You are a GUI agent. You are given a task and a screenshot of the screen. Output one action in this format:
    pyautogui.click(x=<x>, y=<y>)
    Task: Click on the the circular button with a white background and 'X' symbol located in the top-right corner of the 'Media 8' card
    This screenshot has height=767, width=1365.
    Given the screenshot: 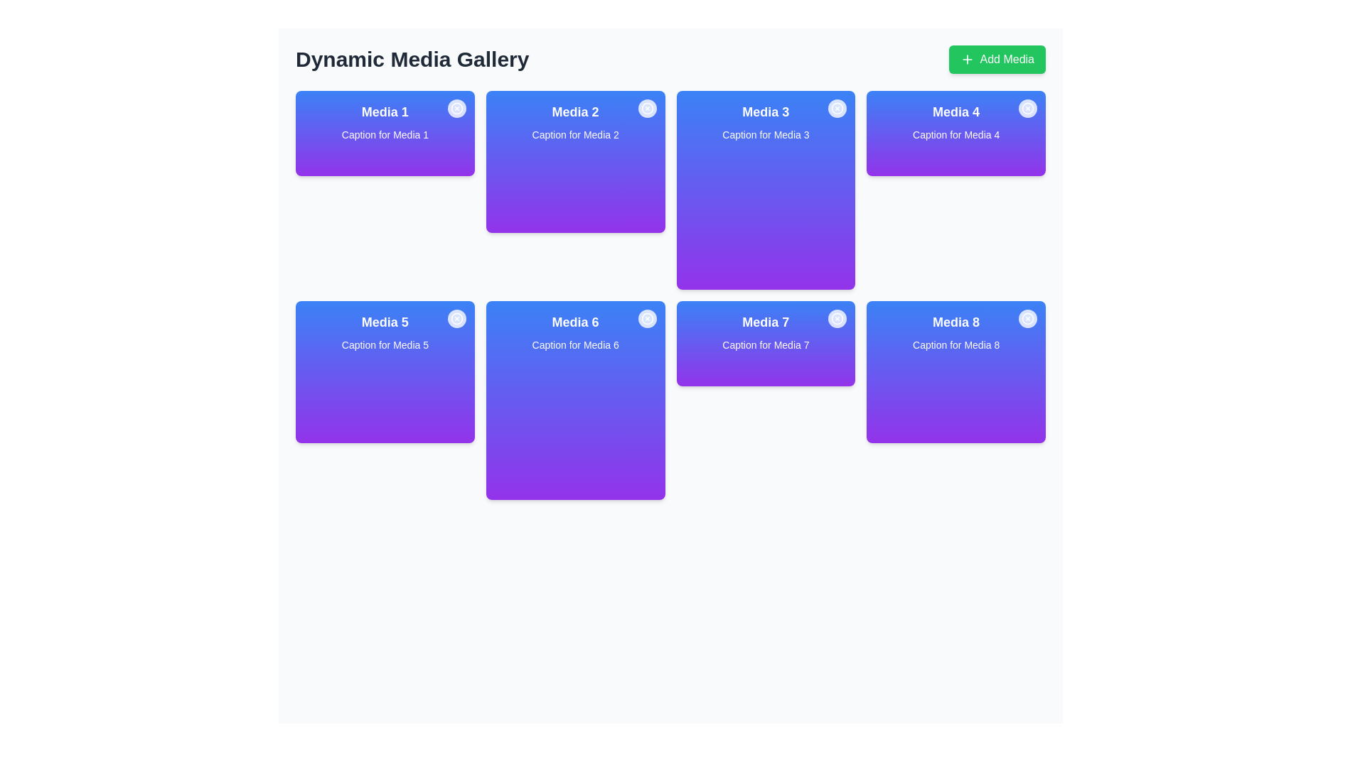 What is the action you would take?
    pyautogui.click(x=1027, y=317)
    